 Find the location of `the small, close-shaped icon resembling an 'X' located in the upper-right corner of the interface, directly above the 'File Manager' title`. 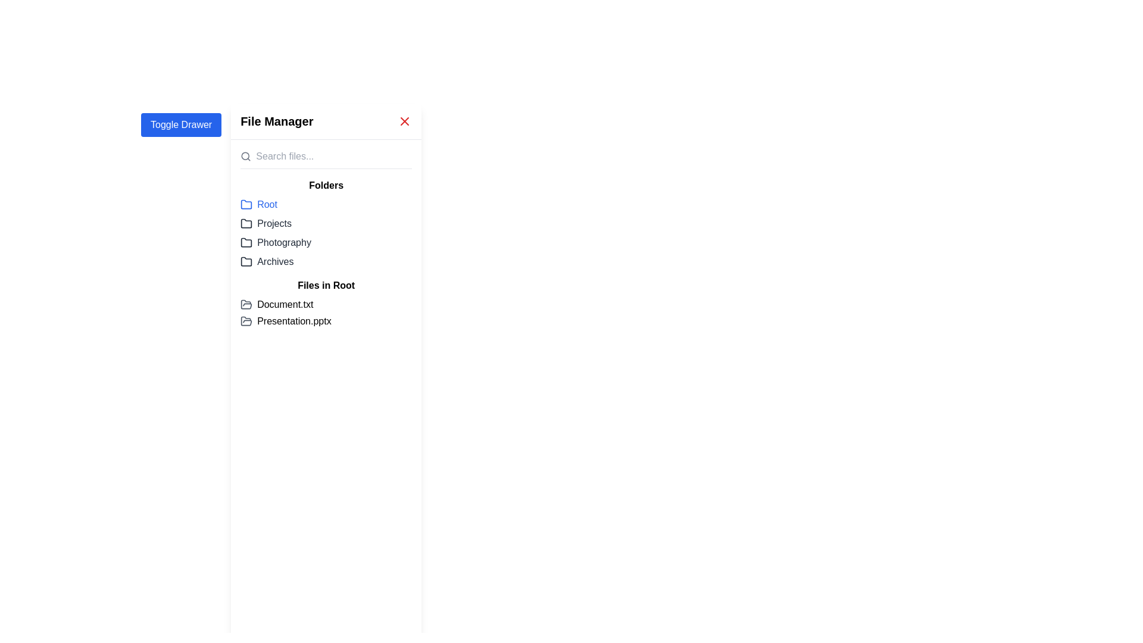

the small, close-shaped icon resembling an 'X' located in the upper-right corner of the interface, directly above the 'File Manager' title is located at coordinates (405, 121).